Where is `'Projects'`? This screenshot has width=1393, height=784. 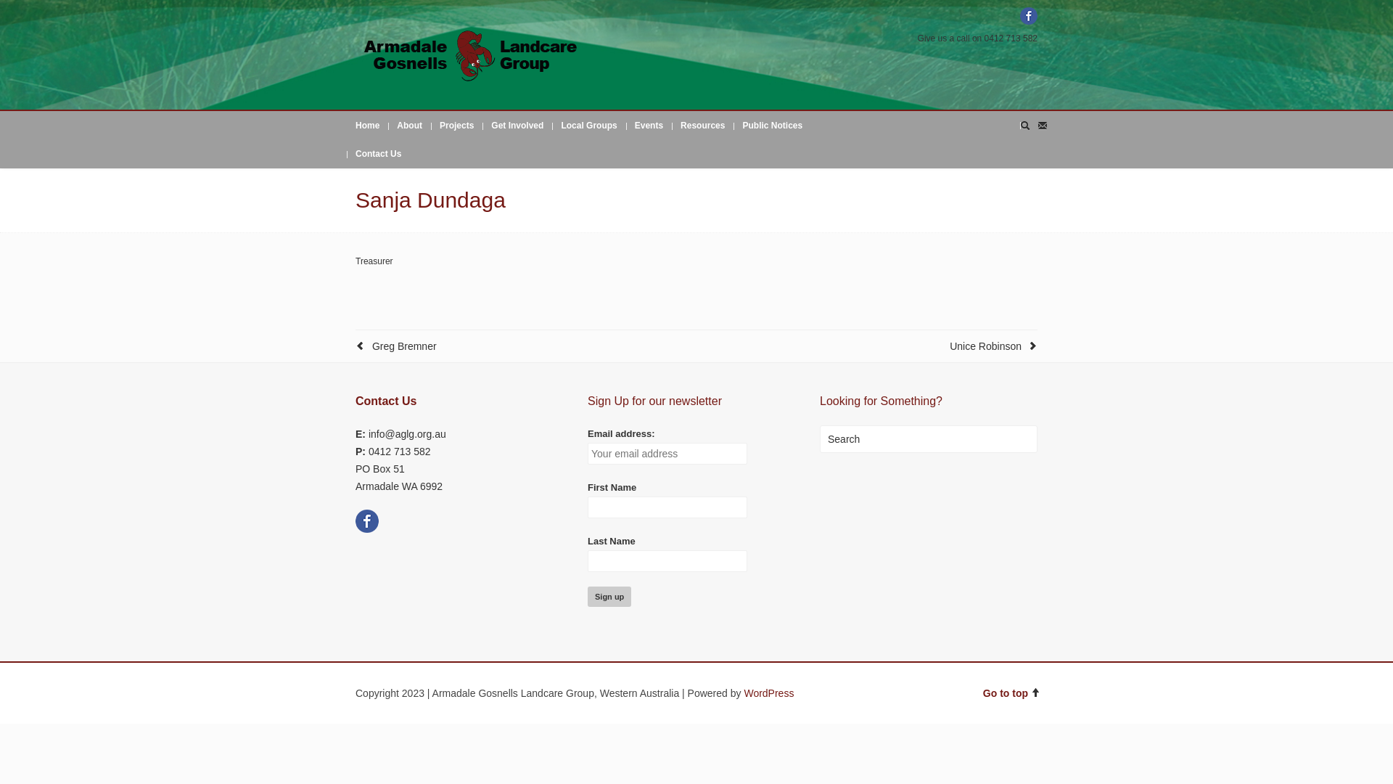 'Projects' is located at coordinates (430, 125).